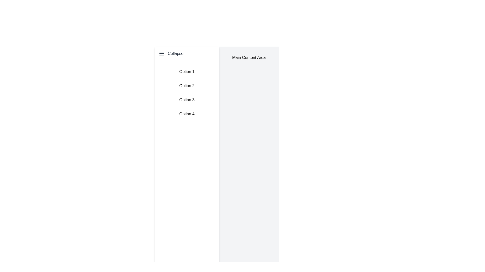  I want to click on the 'Collapse' button located at the top of the left sidebar, so click(171, 53).